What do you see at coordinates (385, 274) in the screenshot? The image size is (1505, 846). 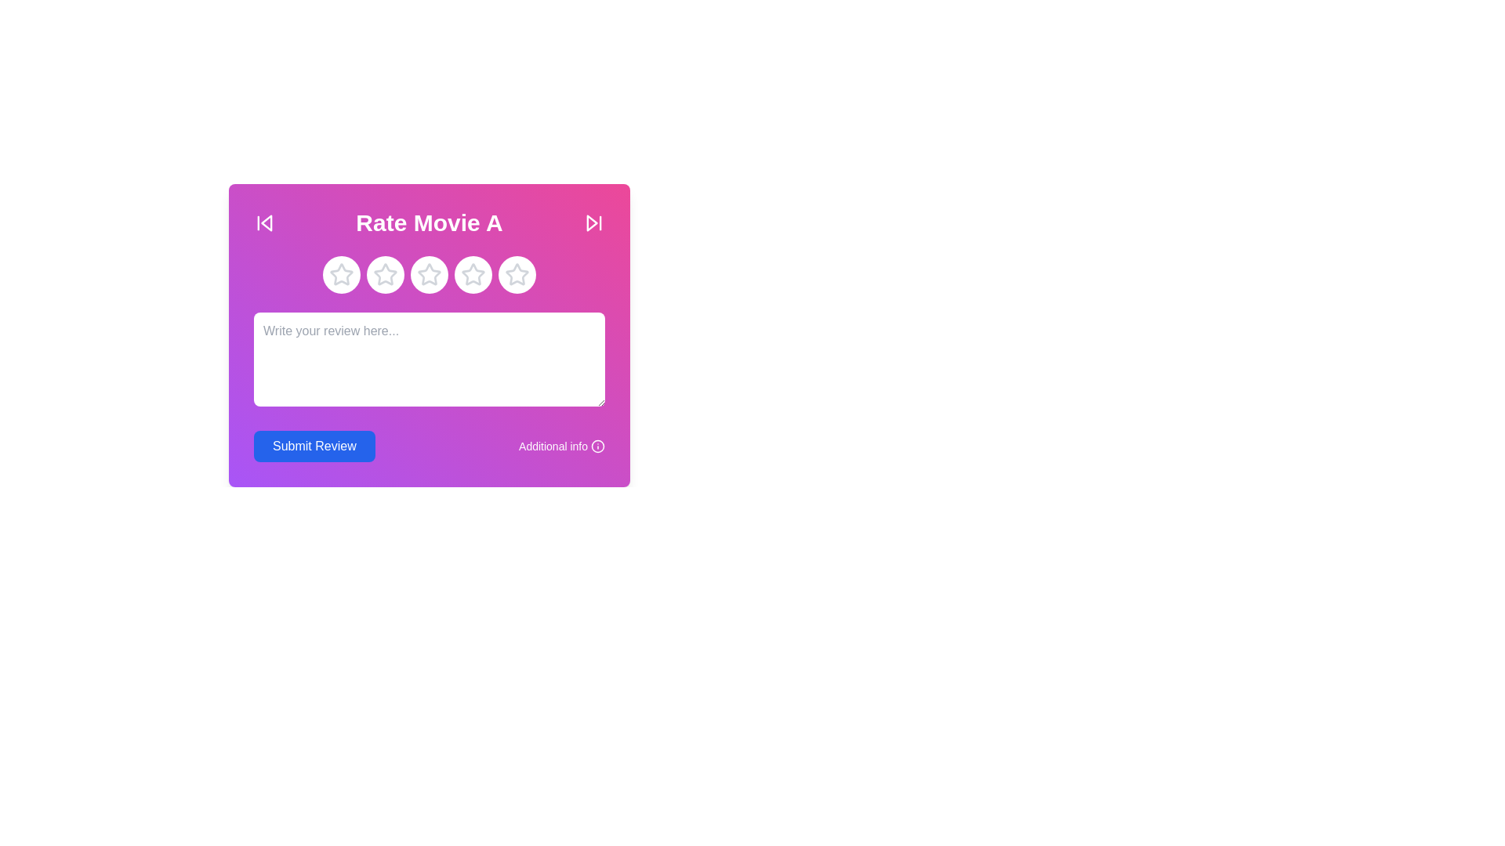 I see `the second star-shaped icon in the rating system located beneath the text header 'Rate Movie A'` at bounding box center [385, 274].